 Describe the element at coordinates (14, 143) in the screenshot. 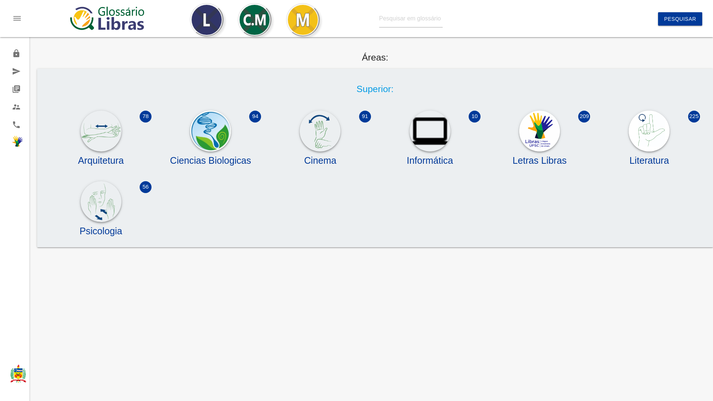

I see `'Portal Libras'` at that location.